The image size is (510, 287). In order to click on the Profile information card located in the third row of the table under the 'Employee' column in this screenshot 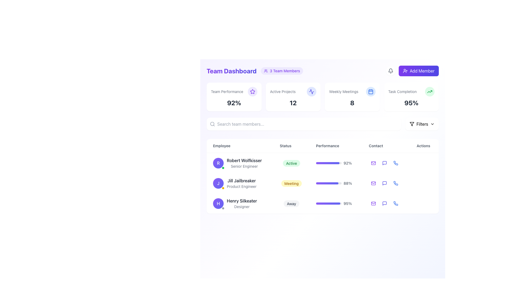, I will do `click(240, 203)`.